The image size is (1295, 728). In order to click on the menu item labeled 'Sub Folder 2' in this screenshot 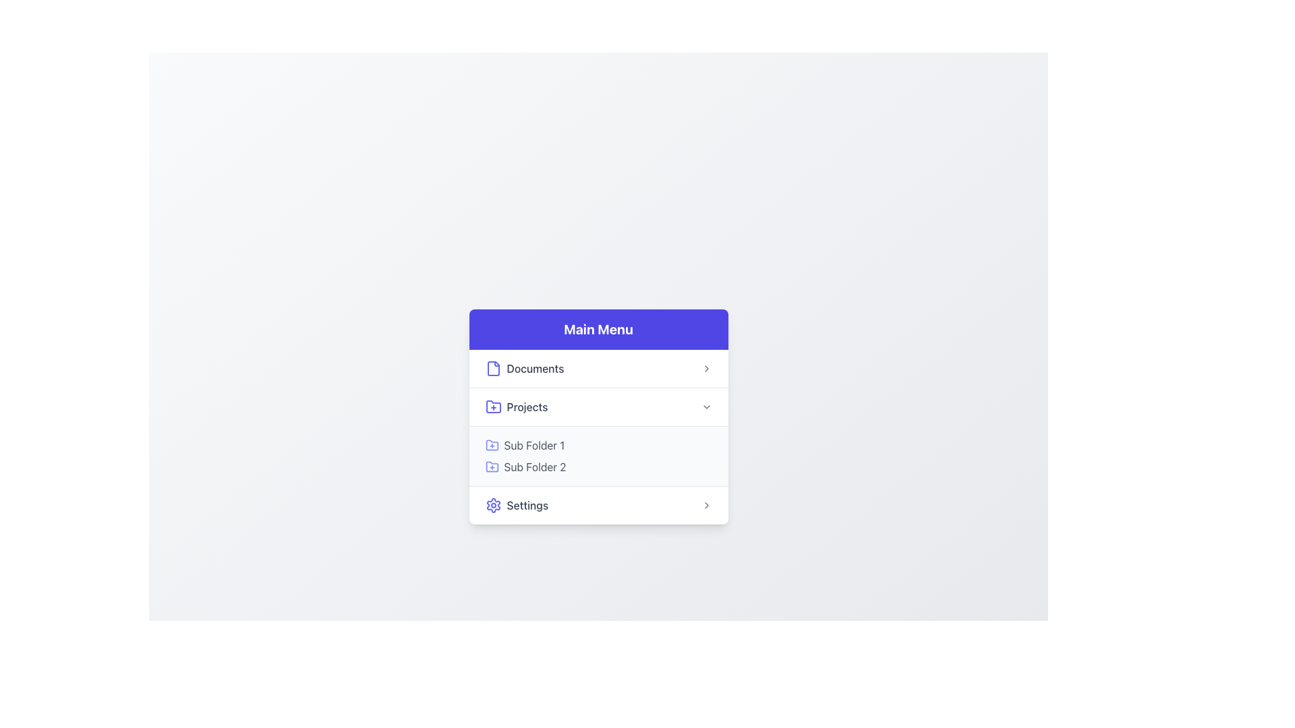, I will do `click(598, 466)`.